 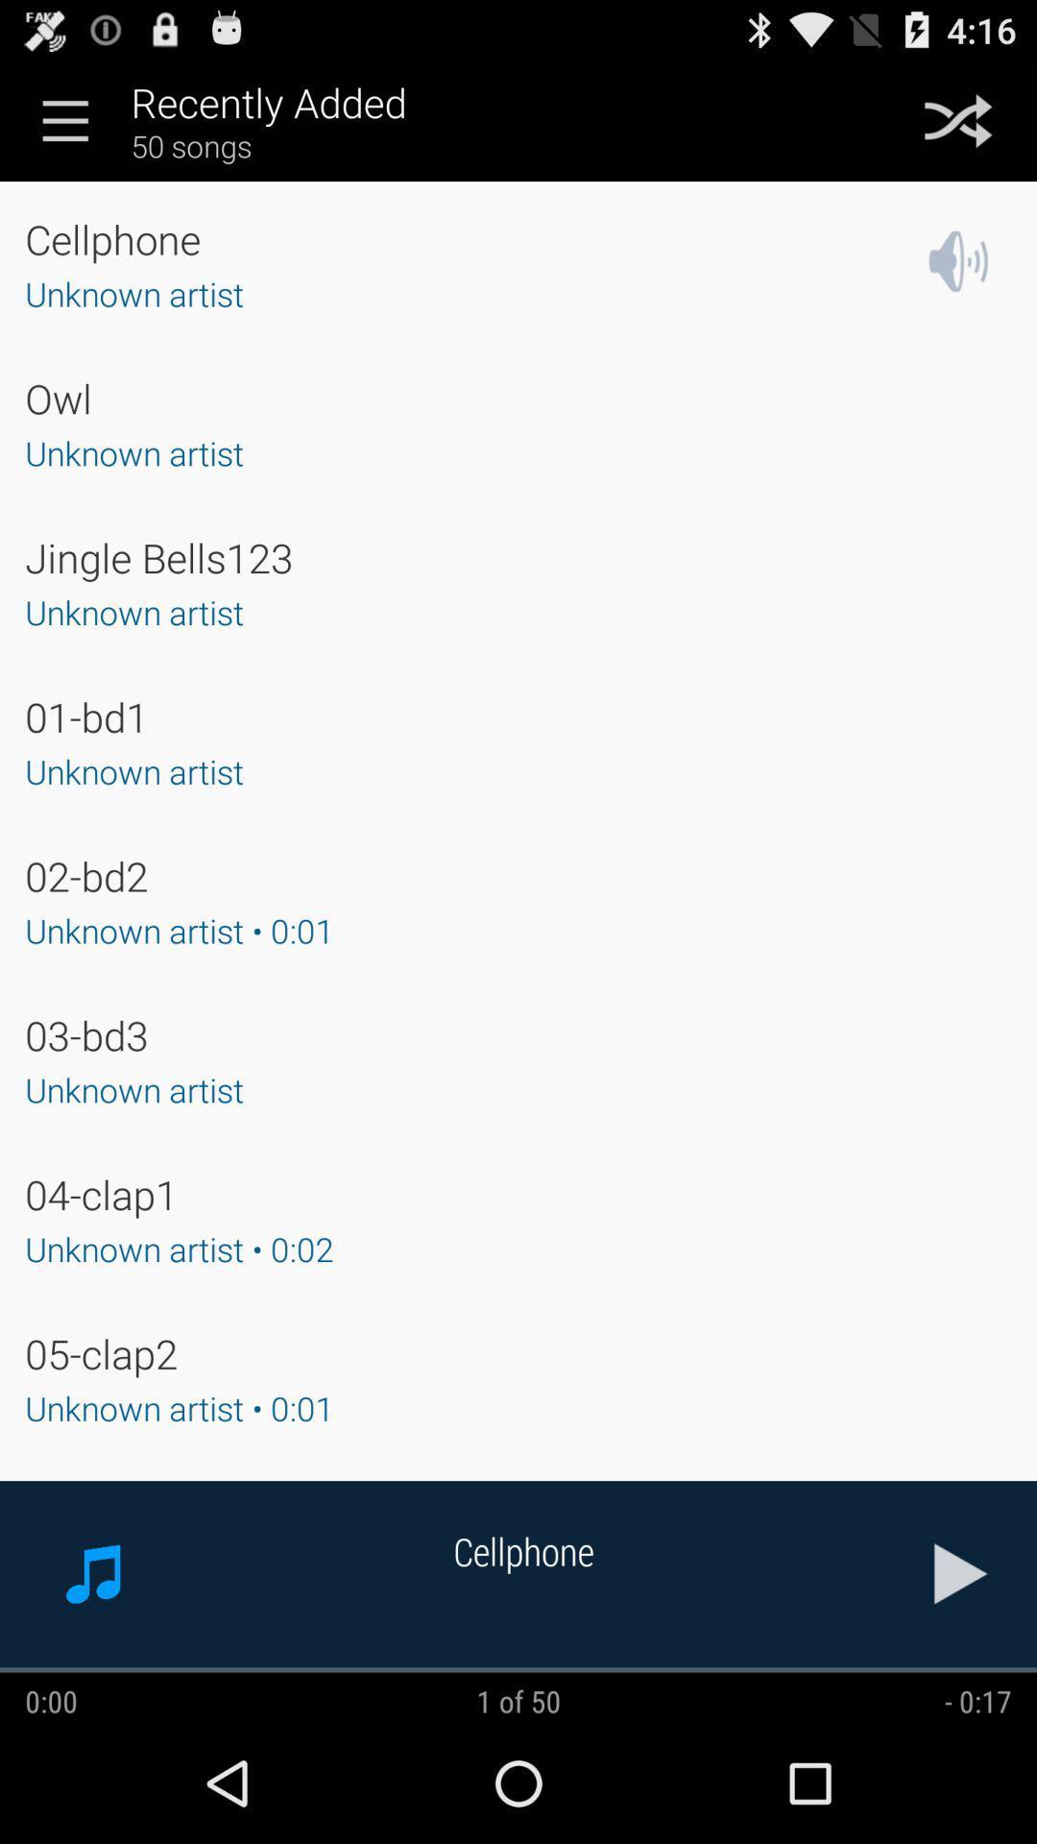 I want to click on the menu icon, so click(x=64, y=119).